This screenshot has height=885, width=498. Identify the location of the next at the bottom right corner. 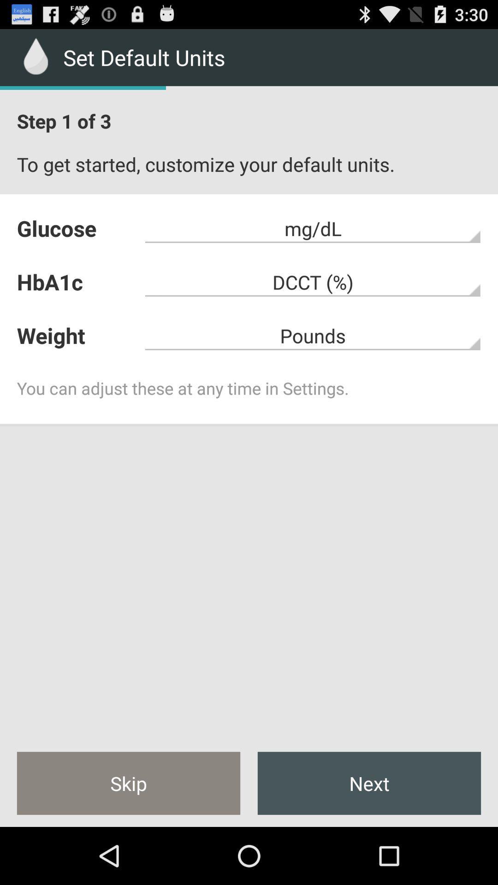
(369, 783).